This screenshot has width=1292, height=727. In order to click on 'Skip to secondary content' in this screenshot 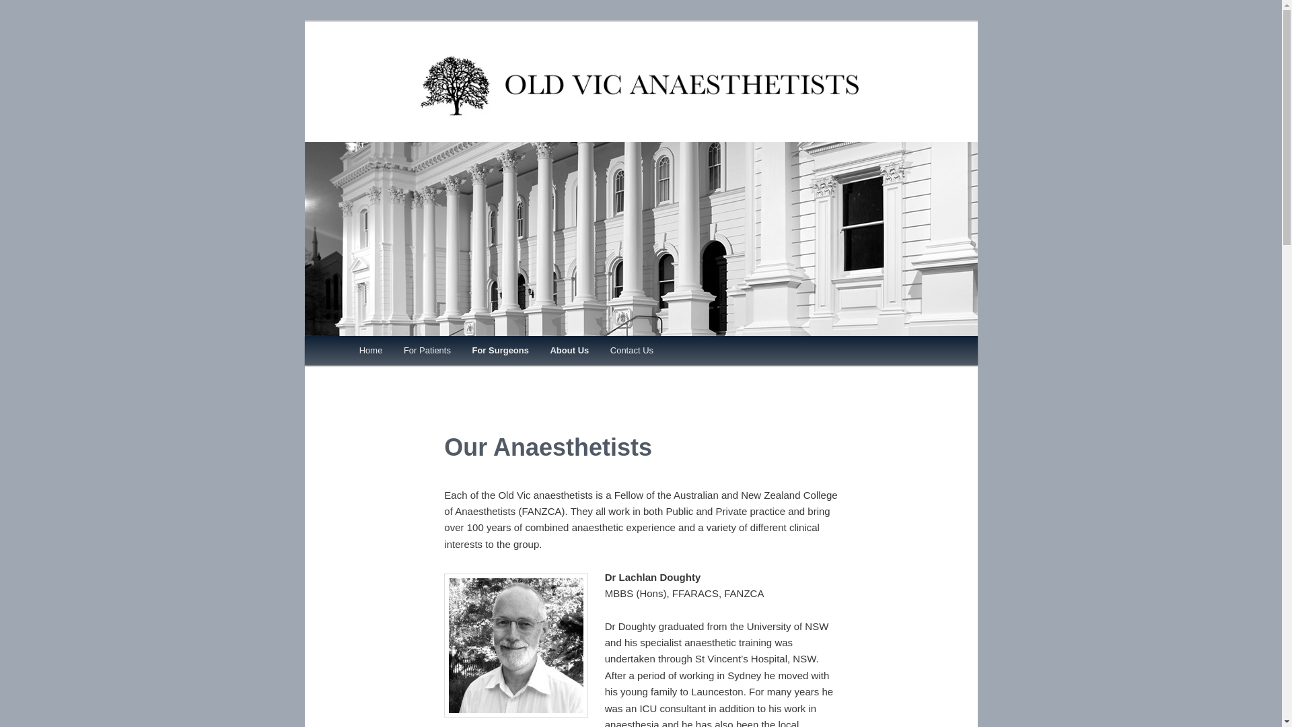, I will do `click(425, 352)`.